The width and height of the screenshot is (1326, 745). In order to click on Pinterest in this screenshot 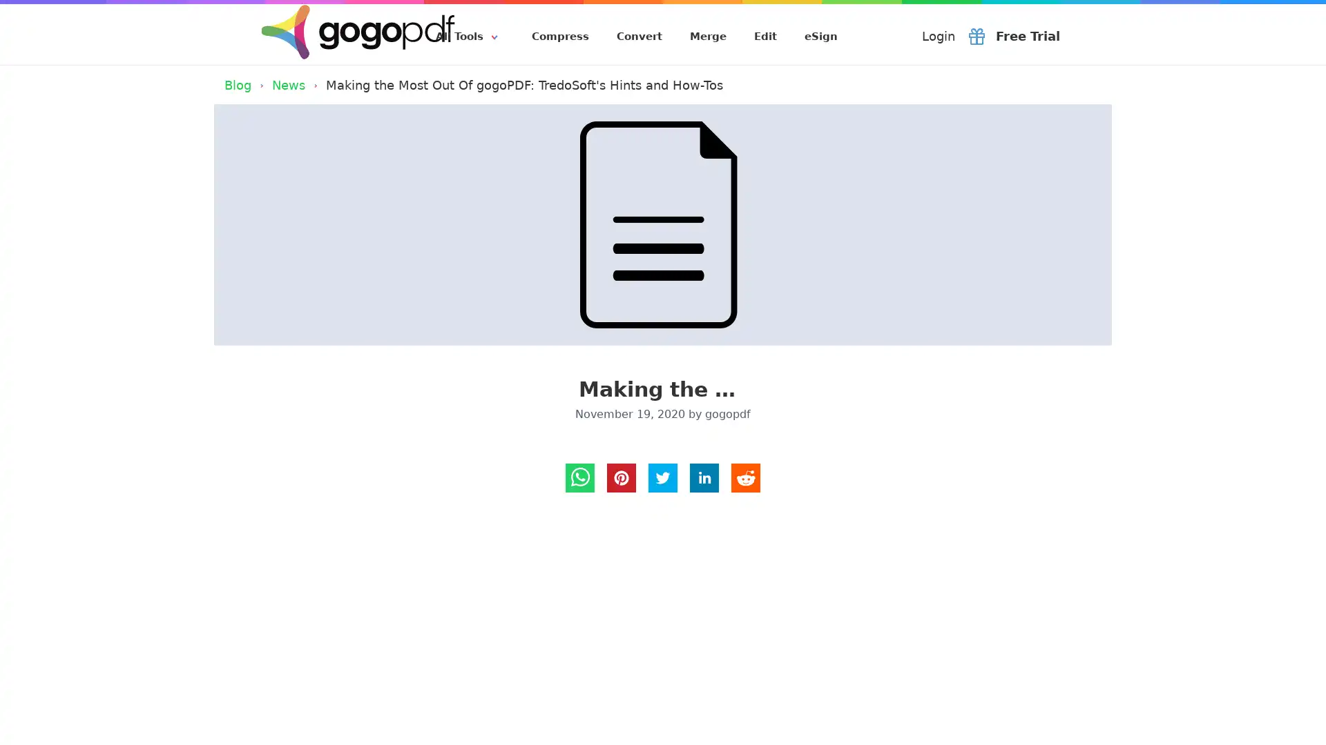, I will do `click(621, 477)`.